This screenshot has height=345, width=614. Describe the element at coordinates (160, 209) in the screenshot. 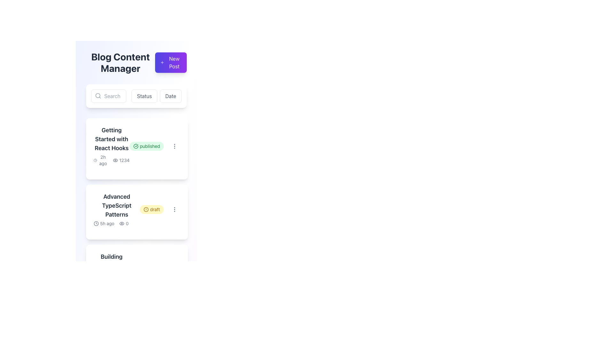

I see `the 'draft' badge element, which is a rounded badge with light yellow background and brown text, located within the 'Advanced TypeScript Patterns' card, near the timestamp '5h ago'` at that location.